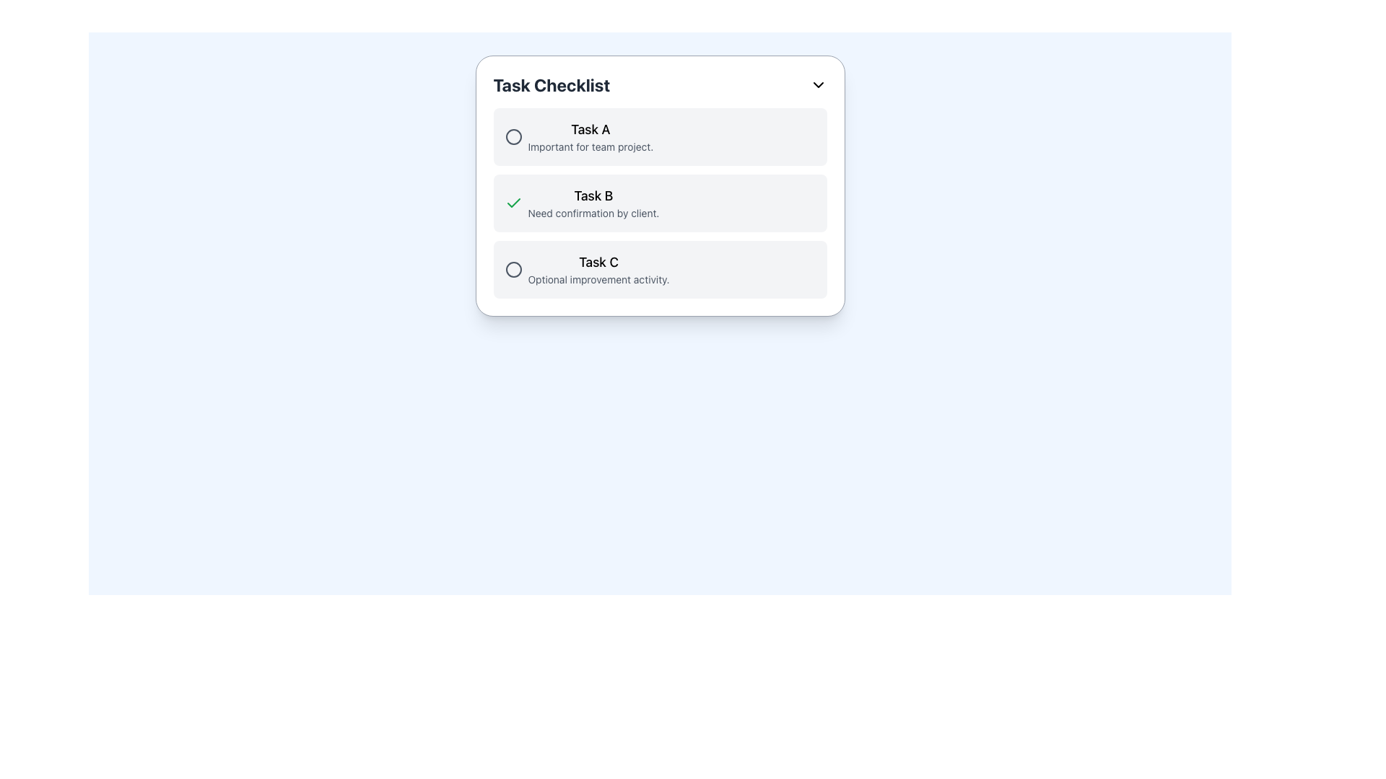  What do you see at coordinates (513, 203) in the screenshot?
I see `the completion icon located to the left of the text for 'Task B'` at bounding box center [513, 203].